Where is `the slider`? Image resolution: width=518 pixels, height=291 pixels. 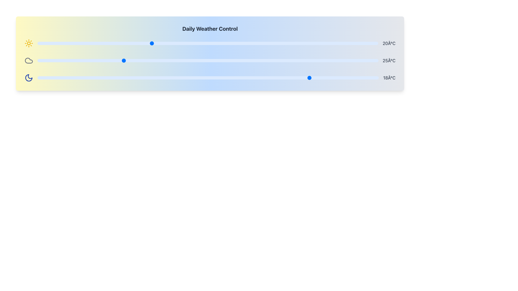
the slider is located at coordinates (83, 43).